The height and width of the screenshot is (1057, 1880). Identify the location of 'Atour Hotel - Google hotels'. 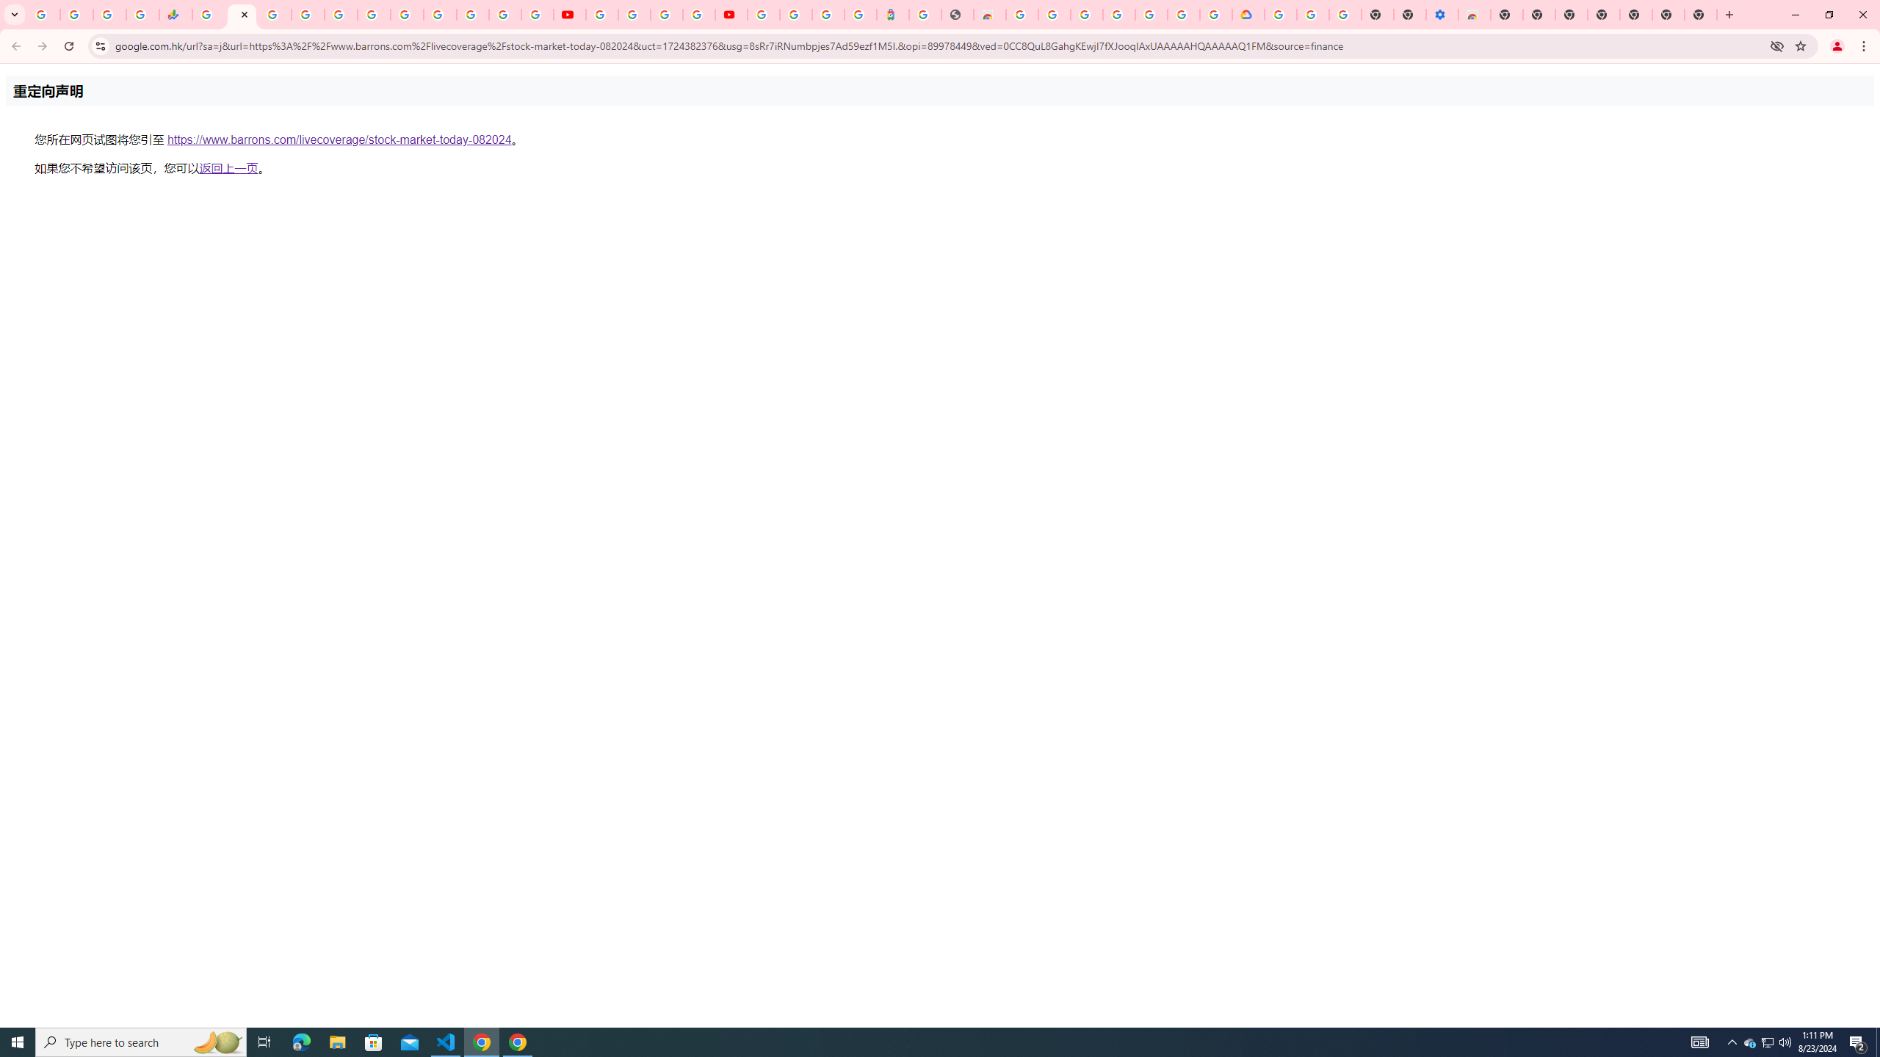
(892, 14).